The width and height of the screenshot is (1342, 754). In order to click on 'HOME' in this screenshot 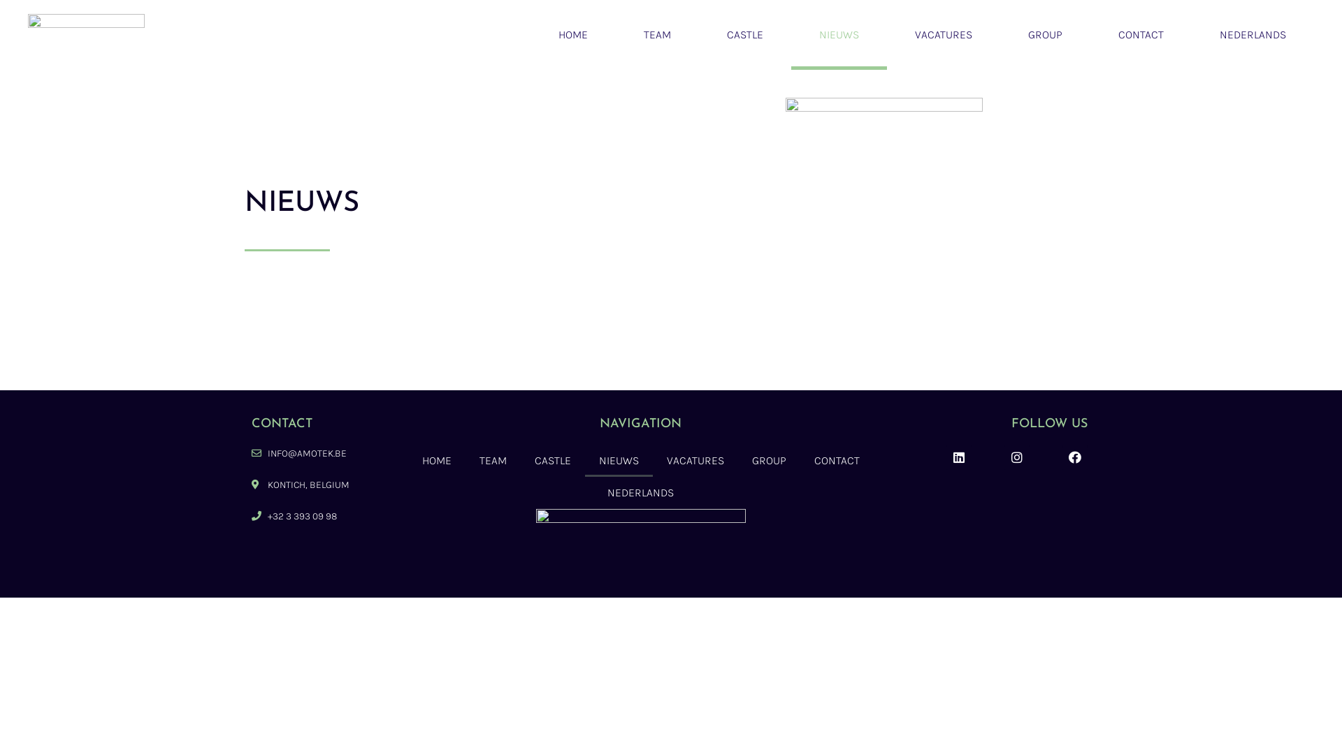, I will do `click(573, 34)`.